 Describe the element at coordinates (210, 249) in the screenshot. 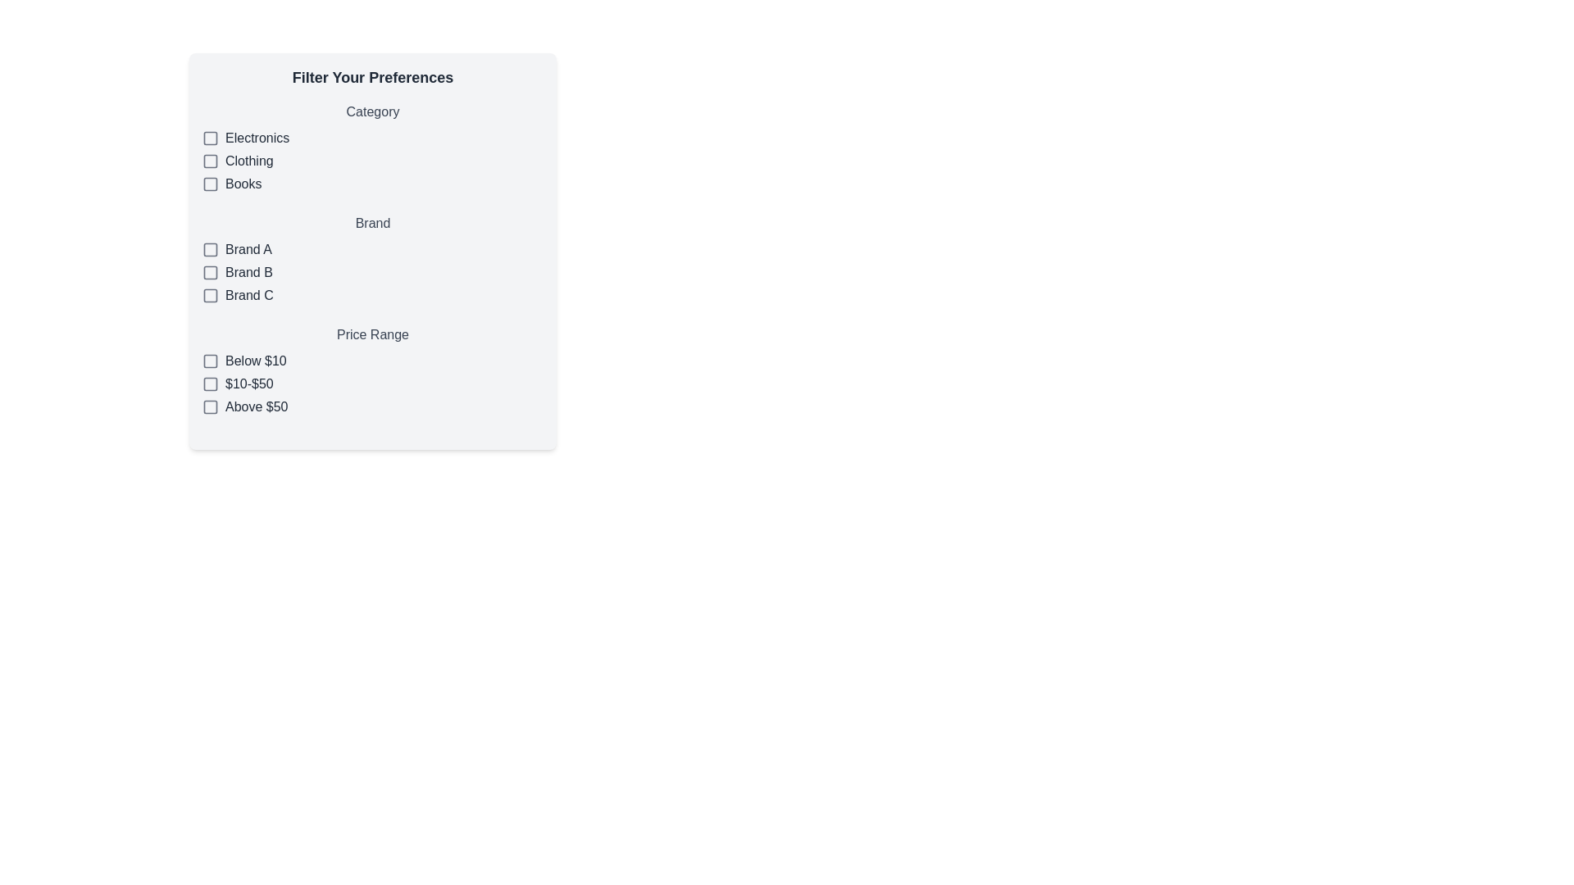

I see `the checkbox for the 'Brand A' filter option` at that location.